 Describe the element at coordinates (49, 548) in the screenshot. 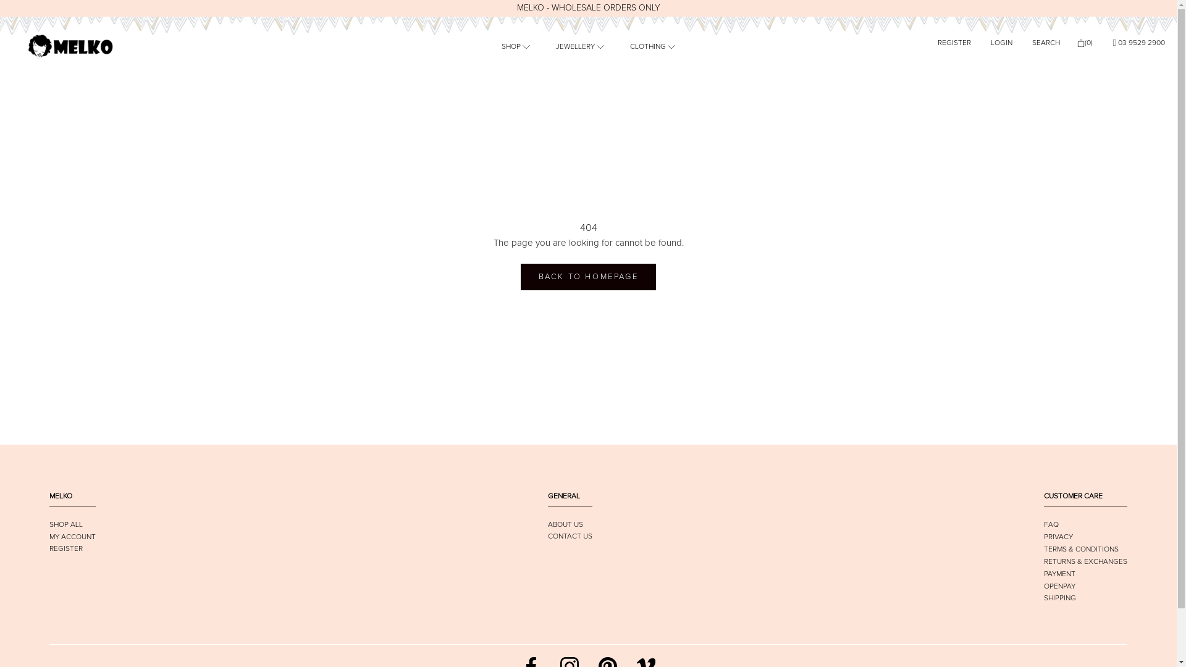

I see `'REGISTER'` at that location.